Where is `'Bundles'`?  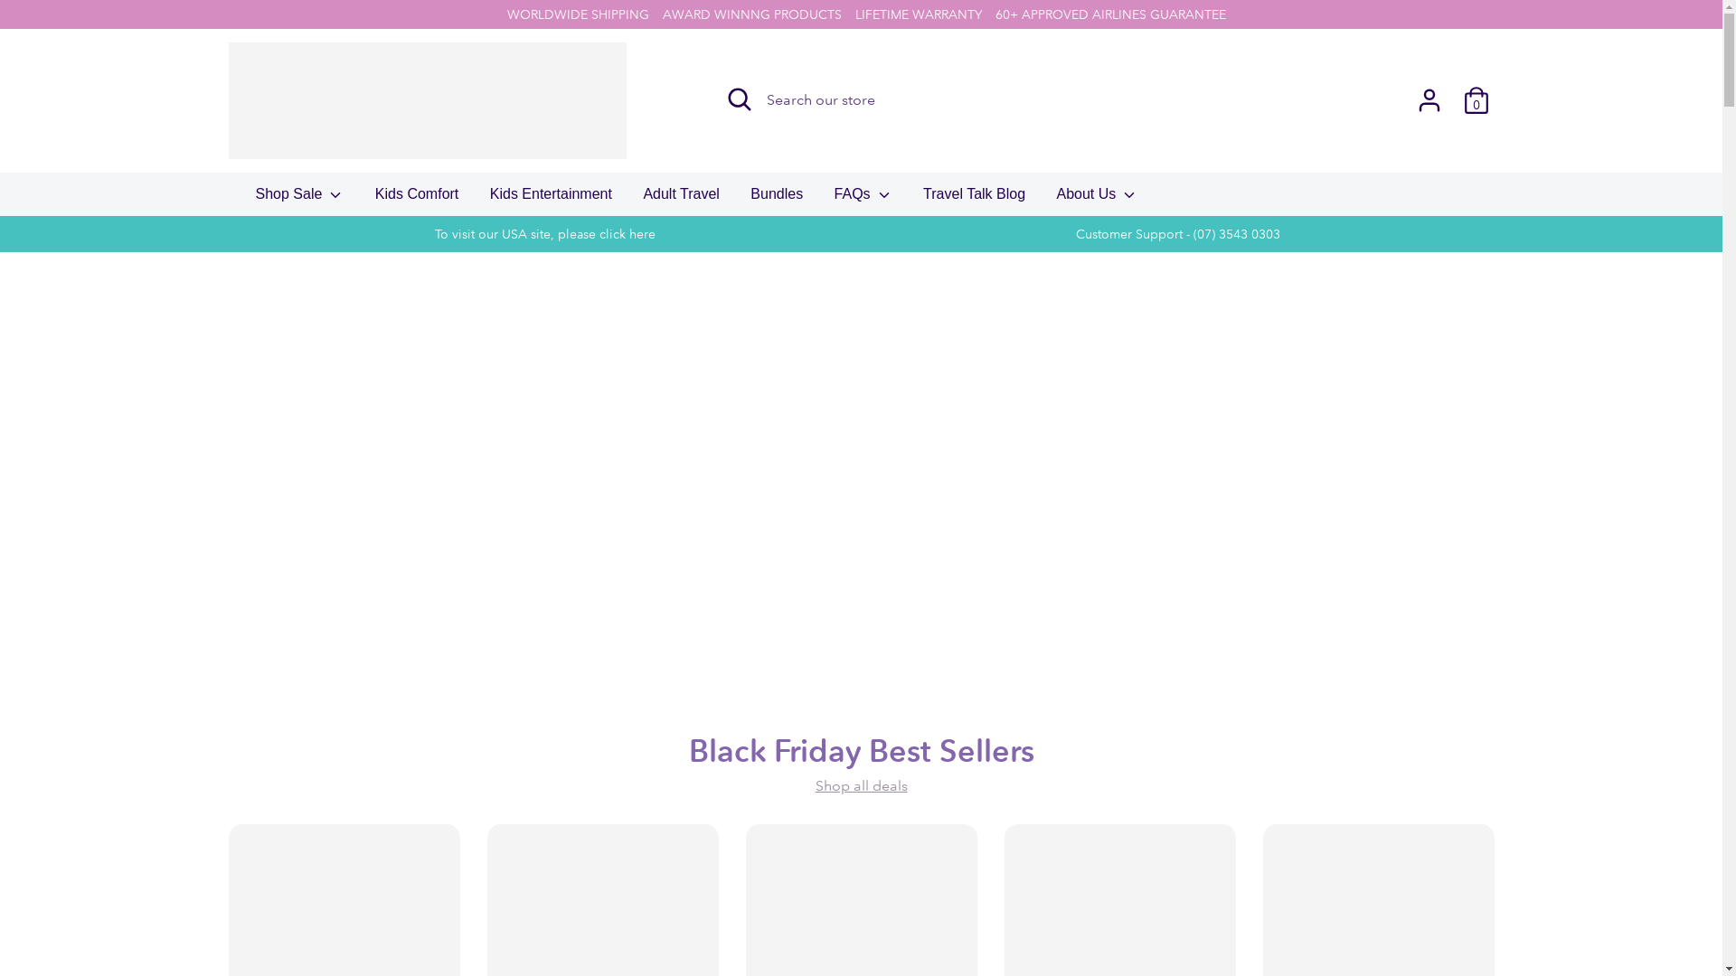
'Bundles' is located at coordinates (777, 199).